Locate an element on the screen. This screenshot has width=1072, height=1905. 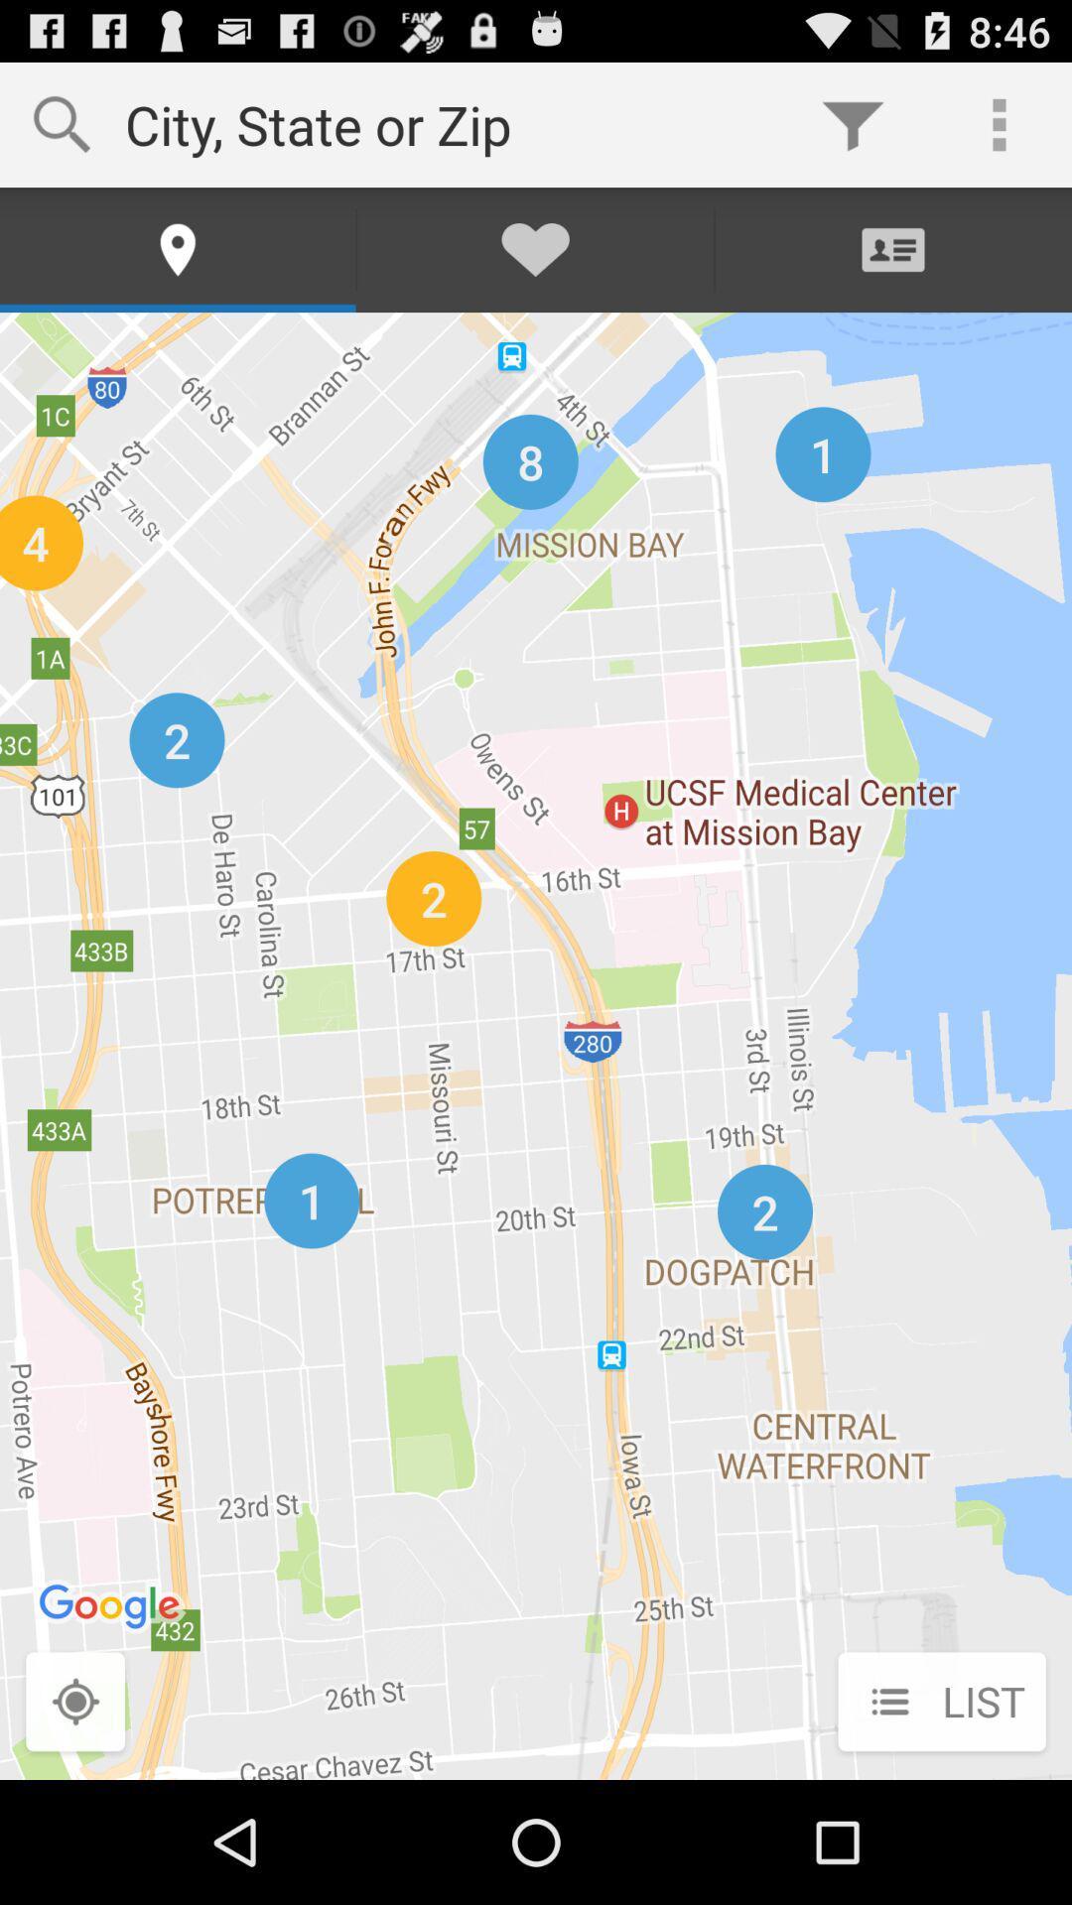
the item at the center is located at coordinates (536, 1045).